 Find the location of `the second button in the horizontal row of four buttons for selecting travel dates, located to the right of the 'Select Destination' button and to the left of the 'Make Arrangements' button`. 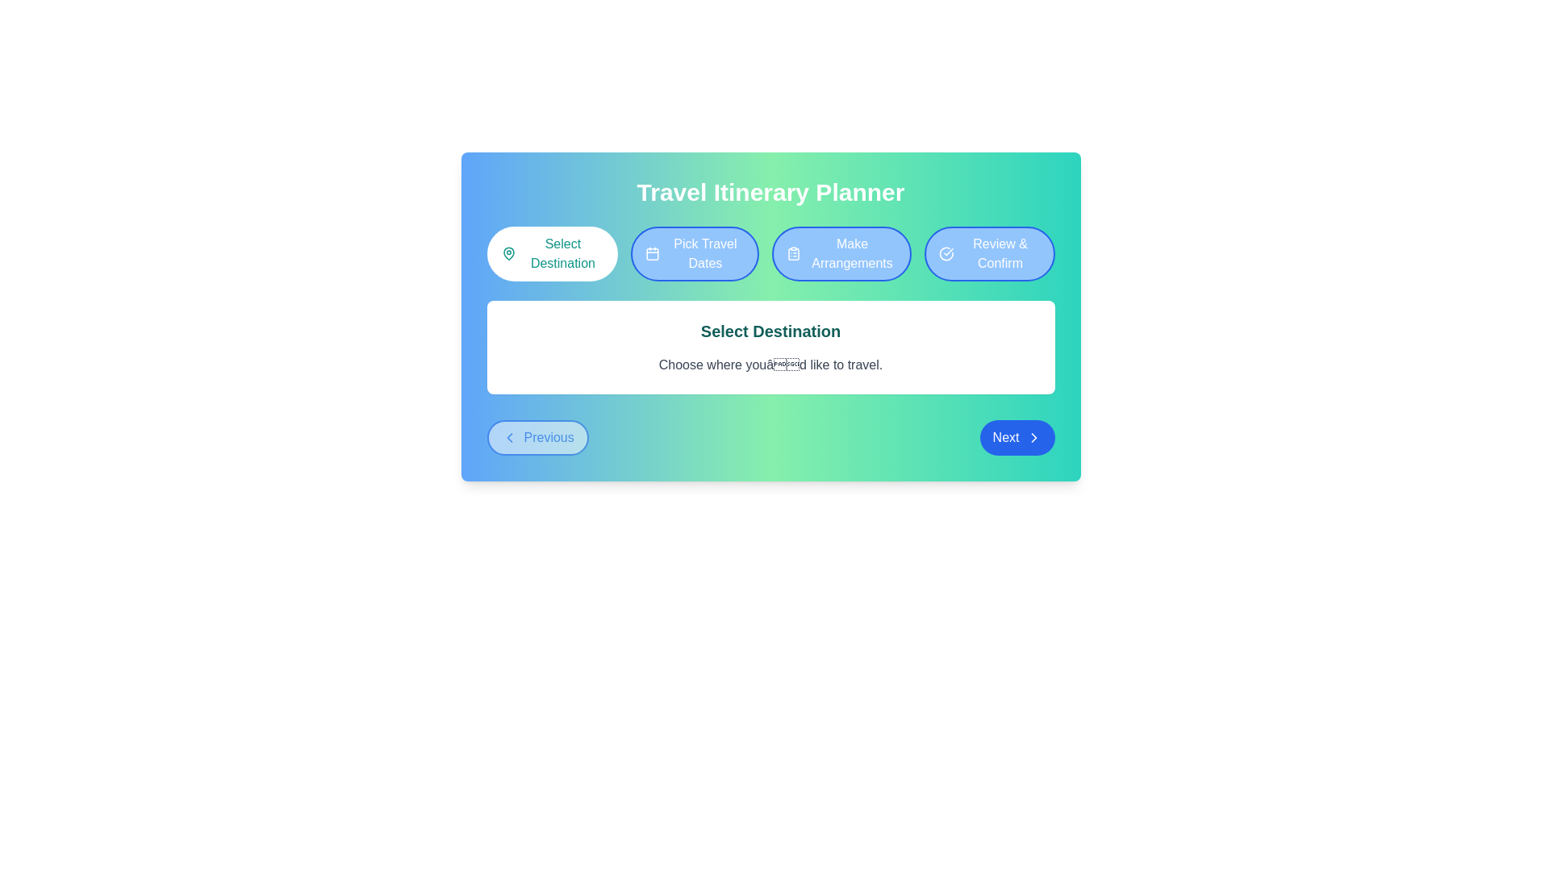

the second button in the horizontal row of four buttons for selecting travel dates, located to the right of the 'Select Destination' button and to the left of the 'Make Arrangements' button is located at coordinates (705, 254).